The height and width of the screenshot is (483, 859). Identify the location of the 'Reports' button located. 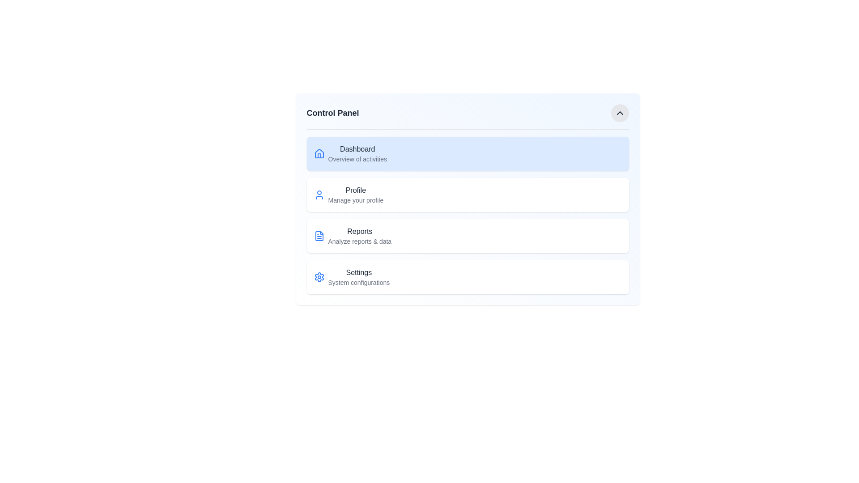
(360, 236).